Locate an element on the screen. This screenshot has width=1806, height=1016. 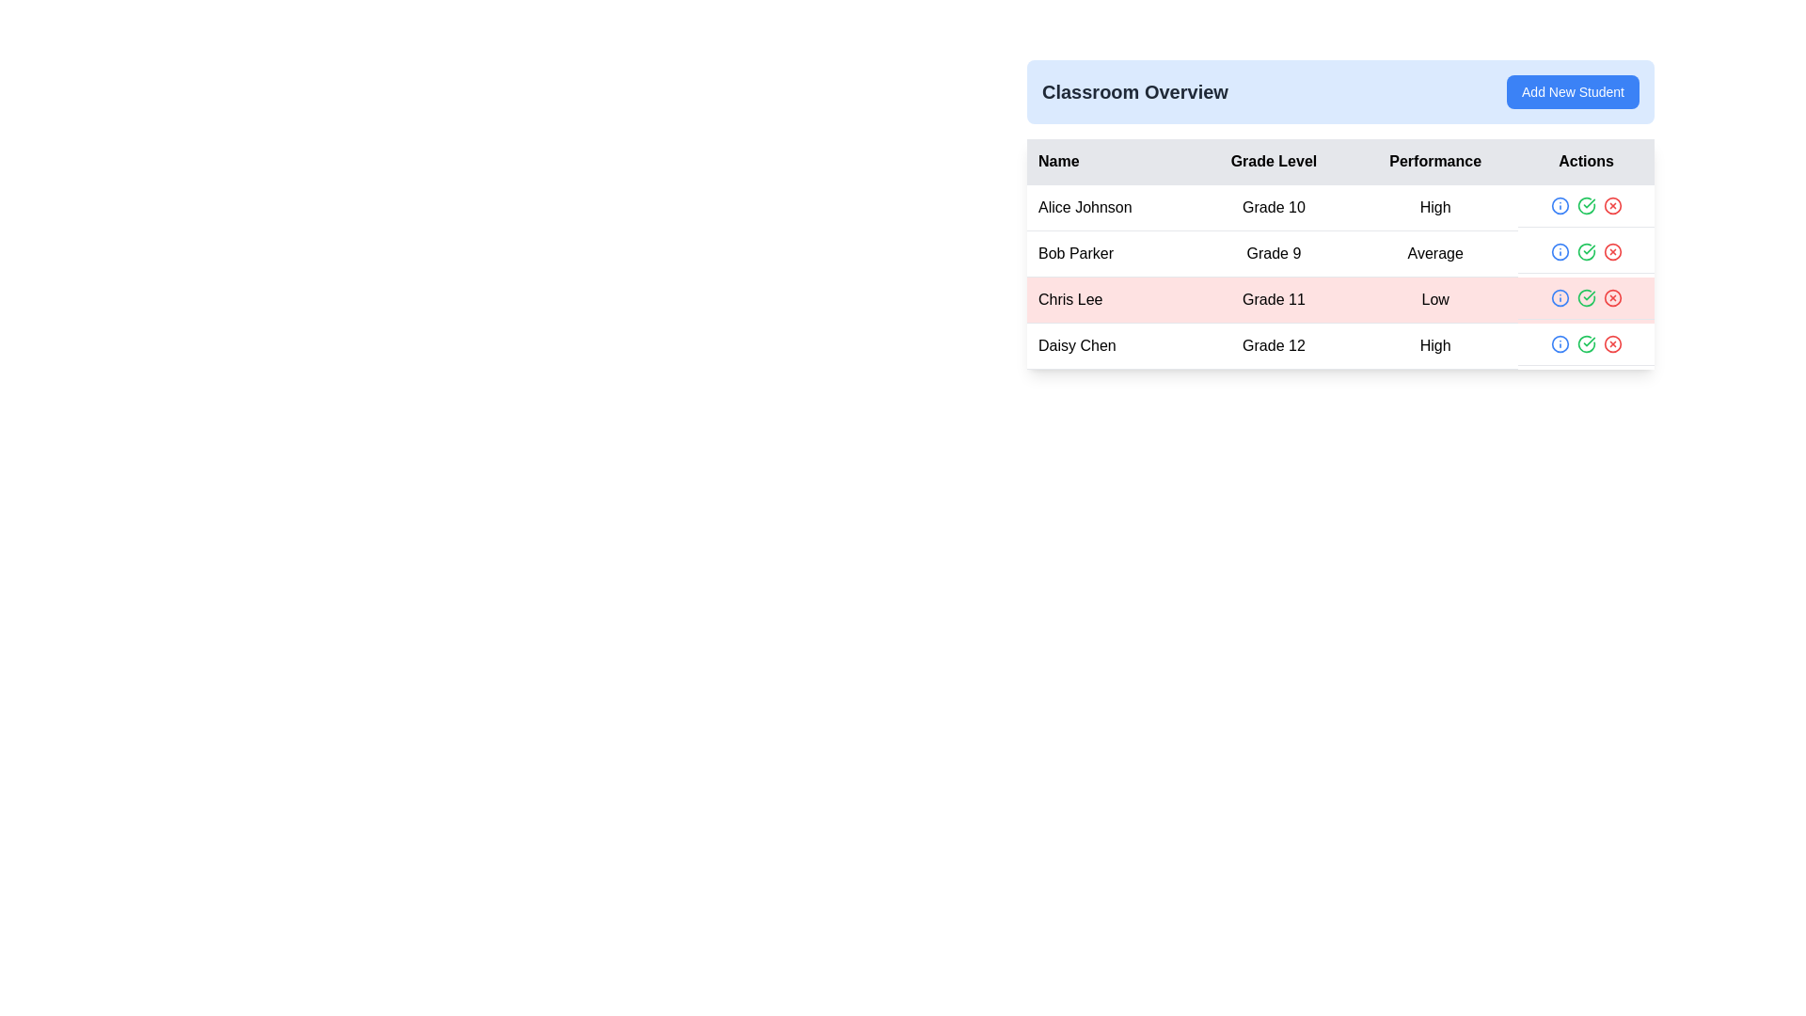
the red 'x' icon in the Action buttons group located in the 'Actions' column of the last row corresponding to the 'Daisy Chen' entry for Grade 12 is located at coordinates (1585, 344).